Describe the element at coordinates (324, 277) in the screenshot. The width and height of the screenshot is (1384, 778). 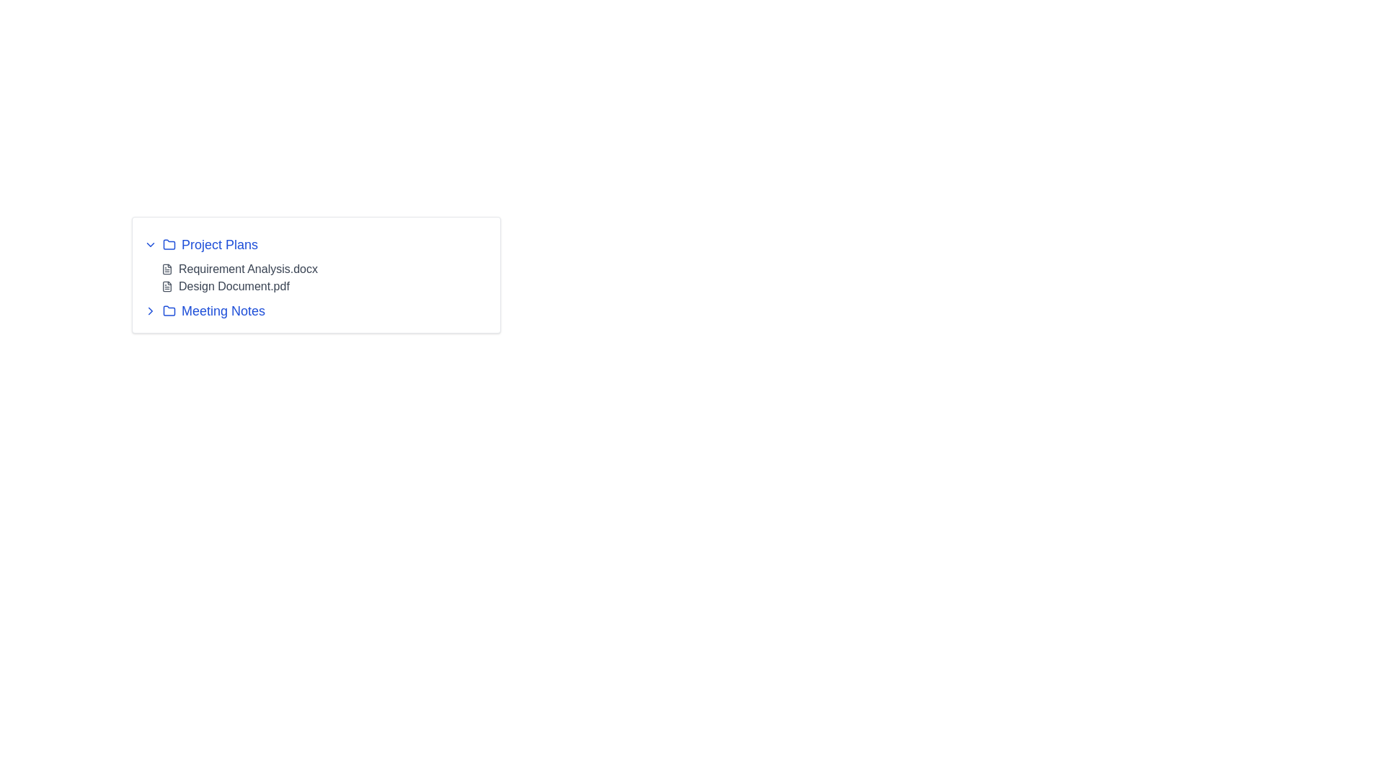
I see `the item link in the list of documents, specifically 'Requirement Analysis.docx' or 'Design Document.pdf', which is part of the dropdown menu under 'Project Plans'` at that location.